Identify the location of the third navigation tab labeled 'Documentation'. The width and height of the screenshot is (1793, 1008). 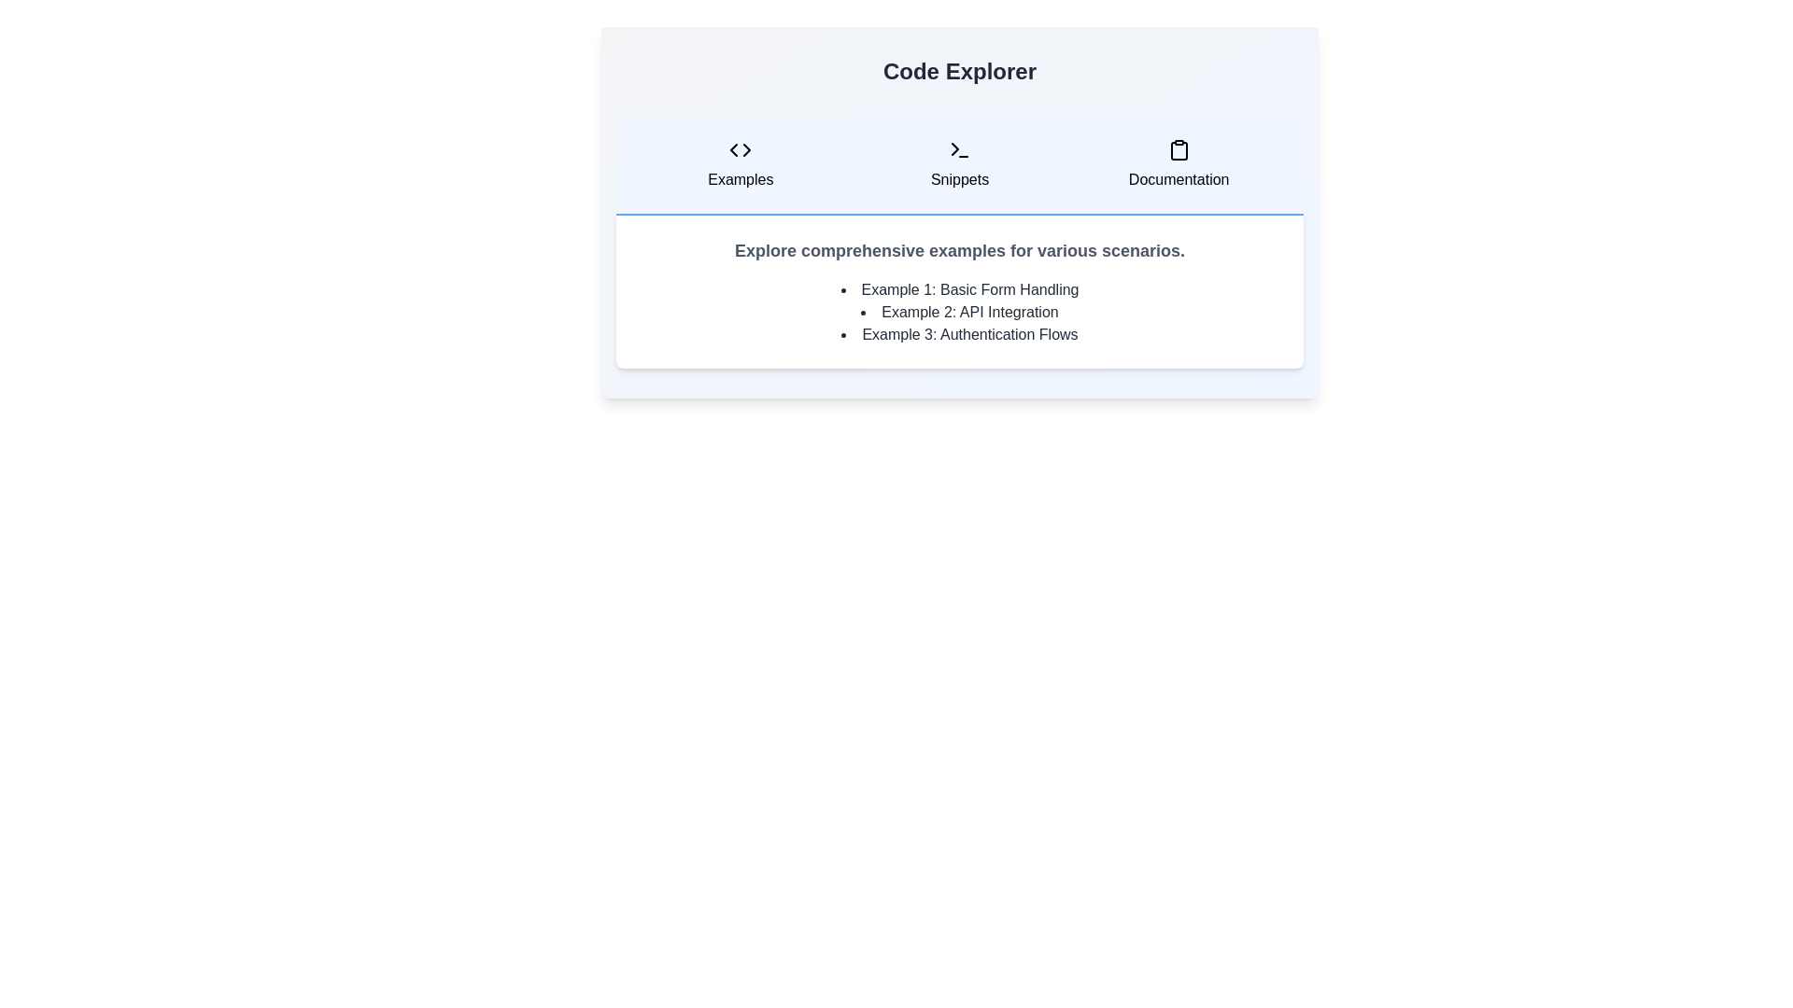
(1178, 164).